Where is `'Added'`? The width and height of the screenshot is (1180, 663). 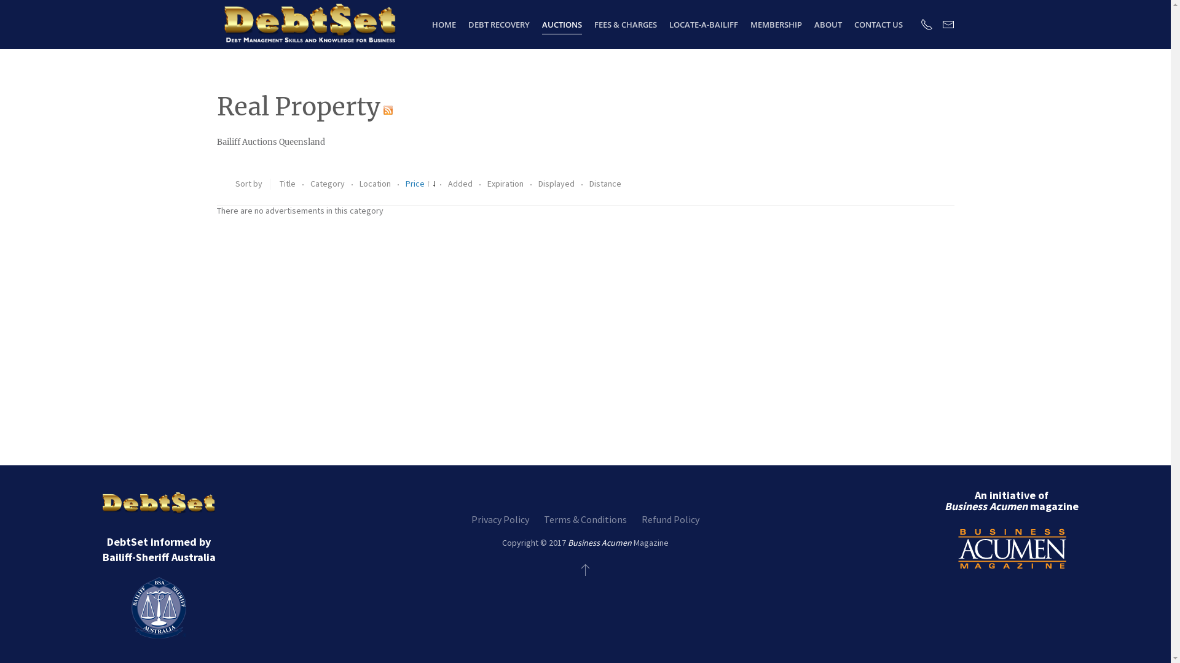 'Added' is located at coordinates (460, 184).